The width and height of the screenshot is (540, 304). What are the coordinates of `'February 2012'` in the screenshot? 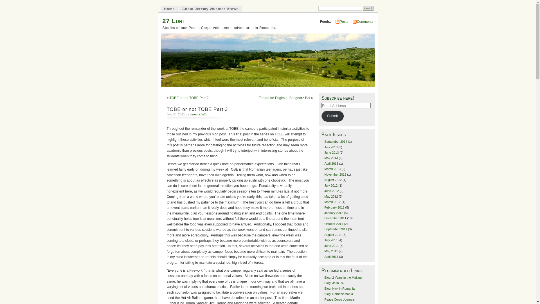 It's located at (334, 207).